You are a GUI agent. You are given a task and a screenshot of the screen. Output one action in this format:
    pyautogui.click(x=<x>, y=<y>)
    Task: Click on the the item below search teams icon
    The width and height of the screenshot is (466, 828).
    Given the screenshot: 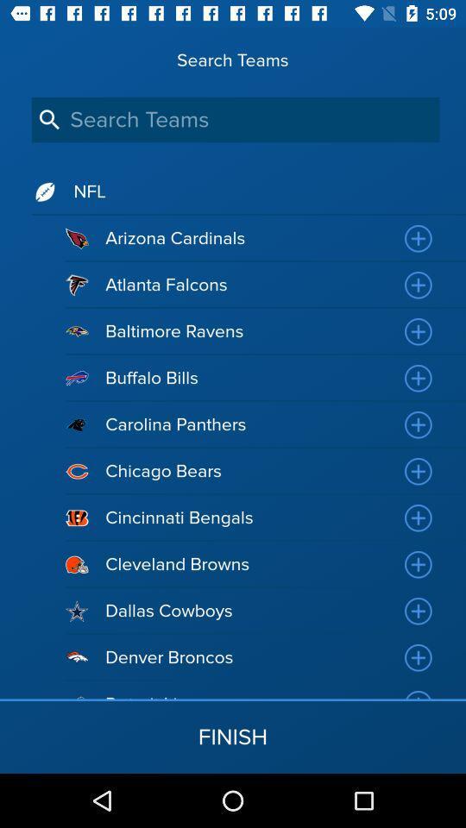 What is the action you would take?
    pyautogui.click(x=235, y=119)
    